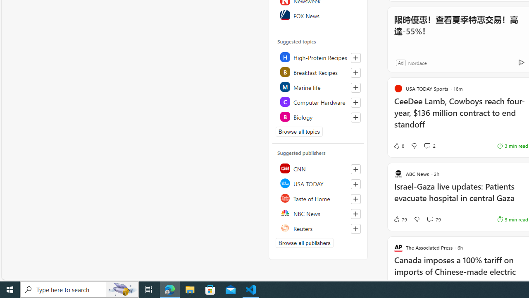 The width and height of the screenshot is (529, 298). What do you see at coordinates (318, 15) in the screenshot?
I see `'FOX News'` at bounding box center [318, 15].